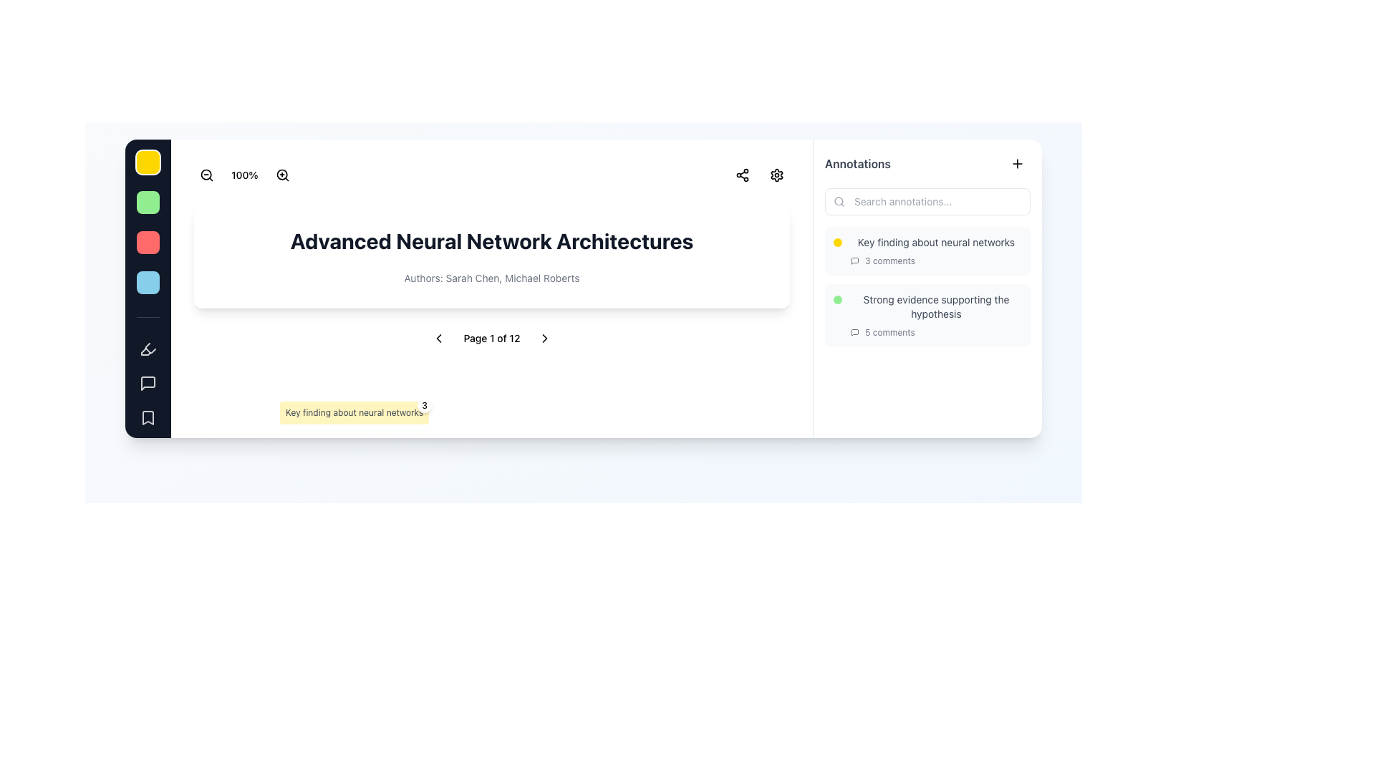 Image resolution: width=1375 pixels, height=773 pixels. What do you see at coordinates (742, 175) in the screenshot?
I see `the share button located` at bounding box center [742, 175].